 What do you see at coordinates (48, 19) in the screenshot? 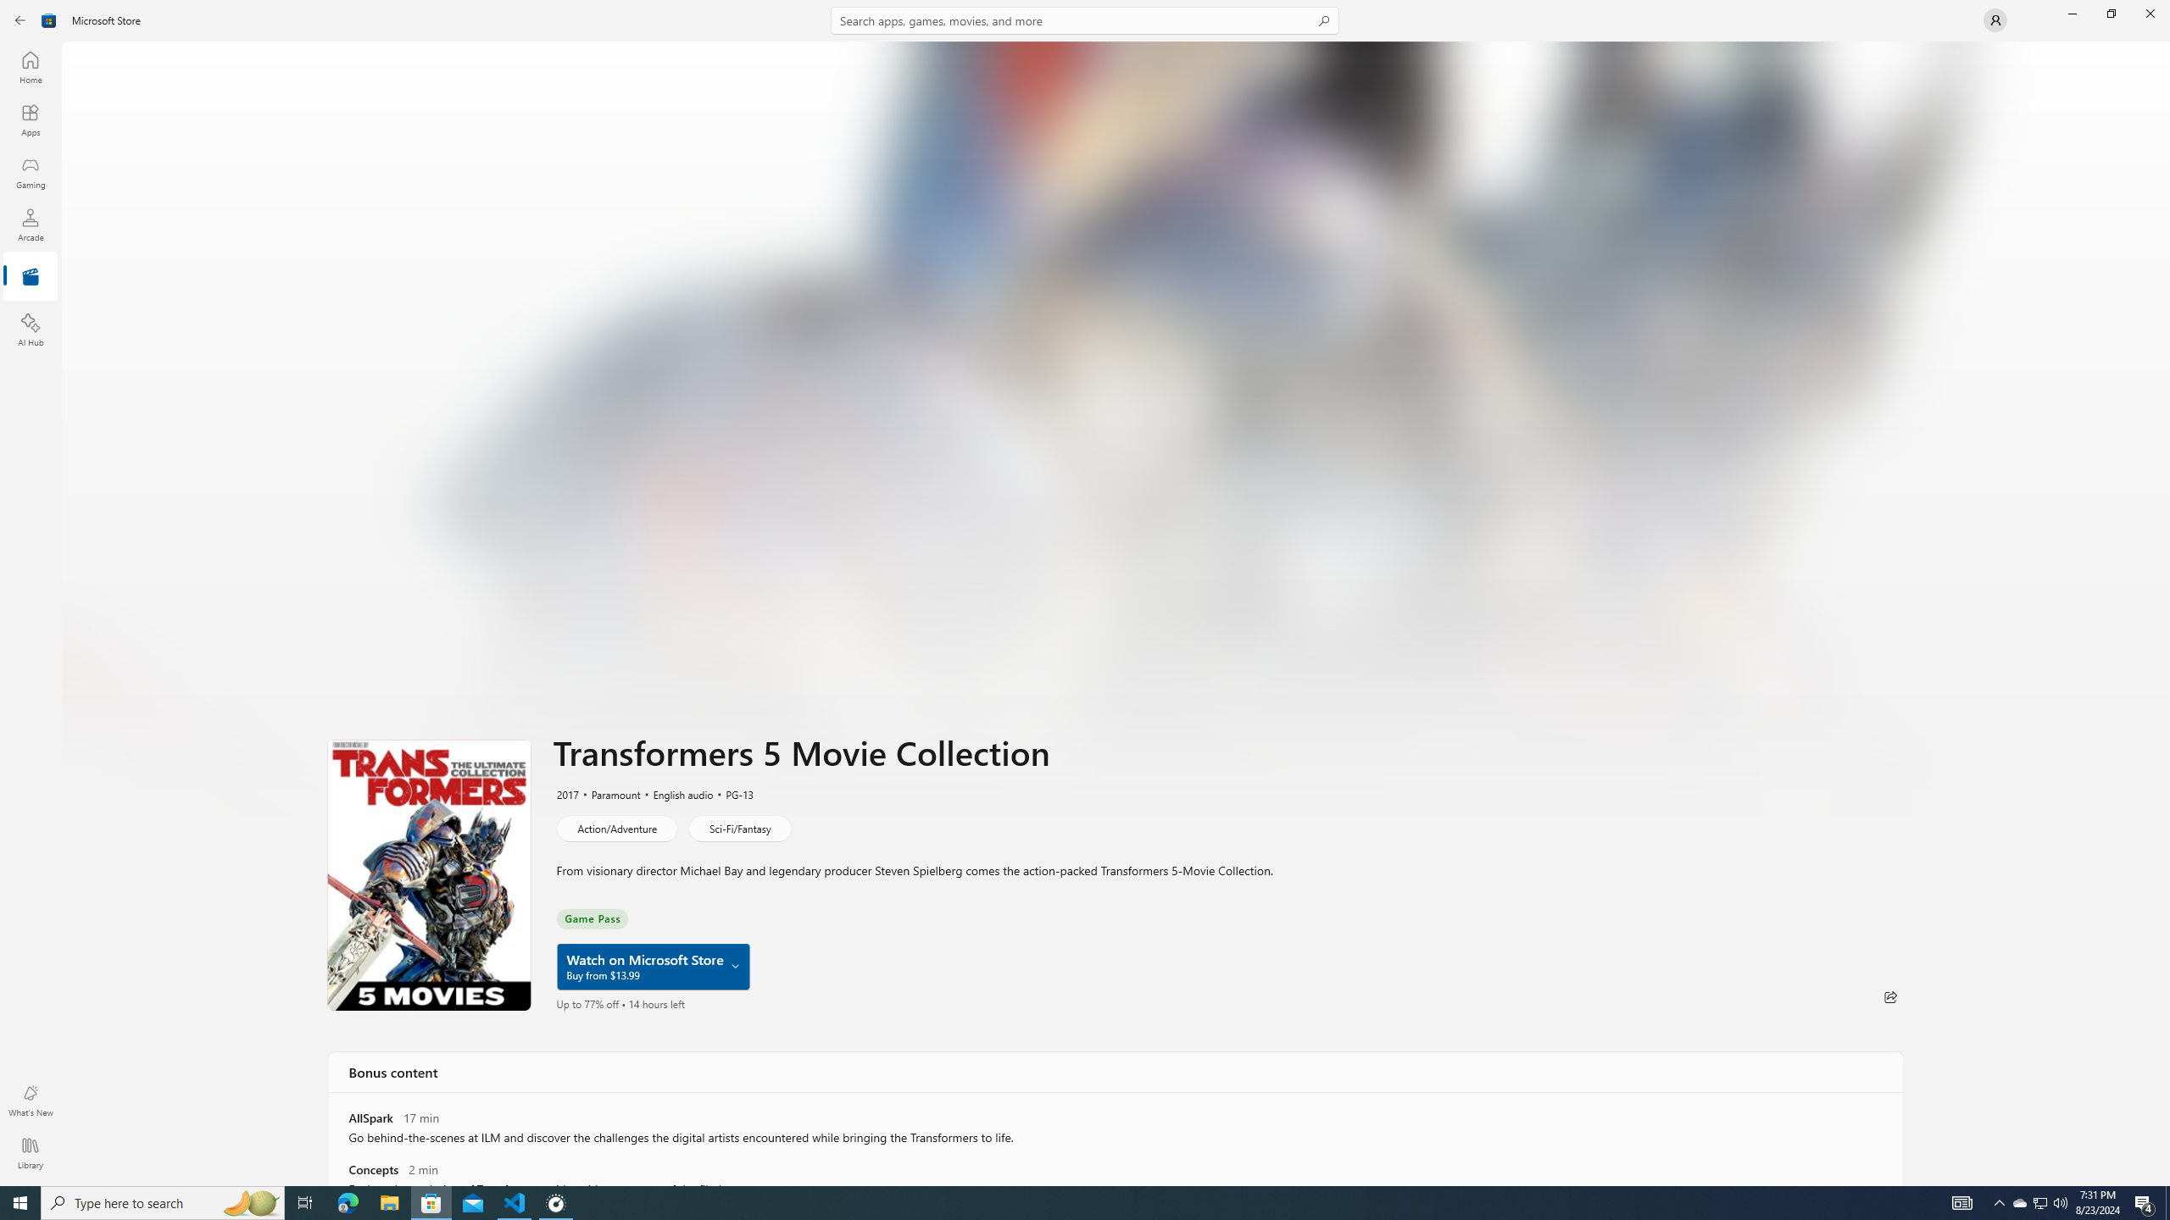
I see `'Class: Image'` at bounding box center [48, 19].